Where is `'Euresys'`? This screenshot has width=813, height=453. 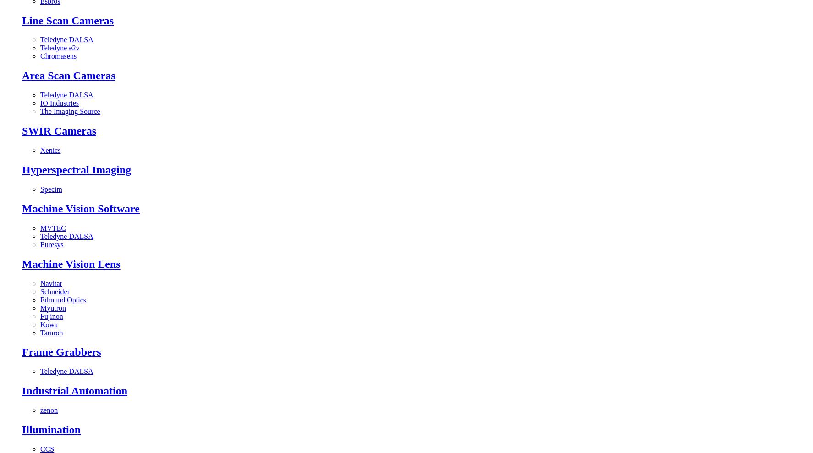 'Euresys' is located at coordinates (52, 243).